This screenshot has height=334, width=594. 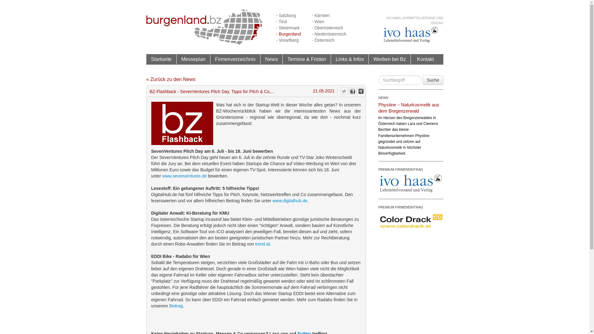 I want to click on 'Firmenverzeichnis', so click(x=235, y=59).